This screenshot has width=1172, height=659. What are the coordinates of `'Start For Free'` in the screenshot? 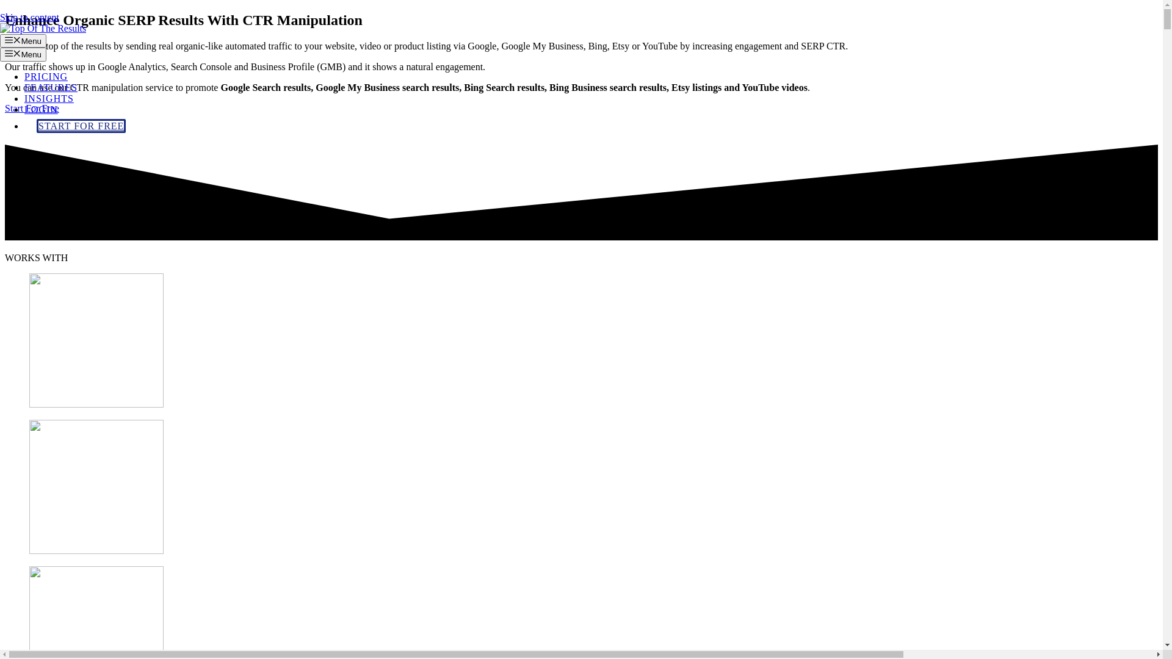 It's located at (32, 107).